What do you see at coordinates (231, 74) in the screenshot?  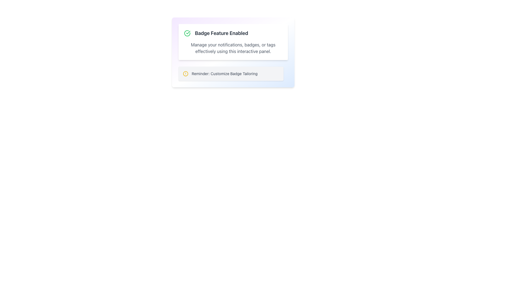 I see `the 'Reminder: Customize Badge Tailoring' text element, which is a horizontal layout containing a warning icon and a gray text string, centrally aligned below the heading 'Badge Feature Enabled'` at bounding box center [231, 74].